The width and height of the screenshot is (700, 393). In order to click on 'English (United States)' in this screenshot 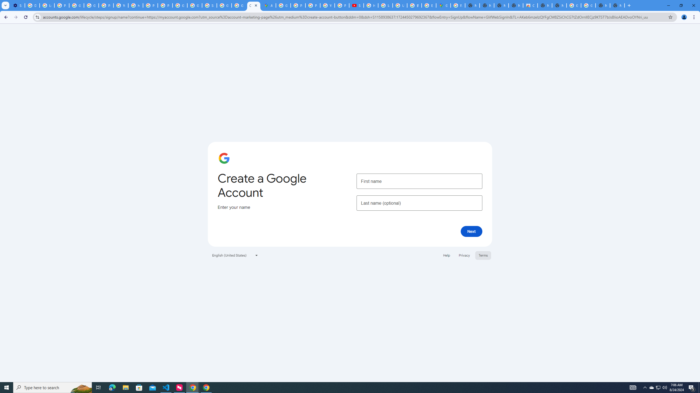, I will do `click(235, 255)`.